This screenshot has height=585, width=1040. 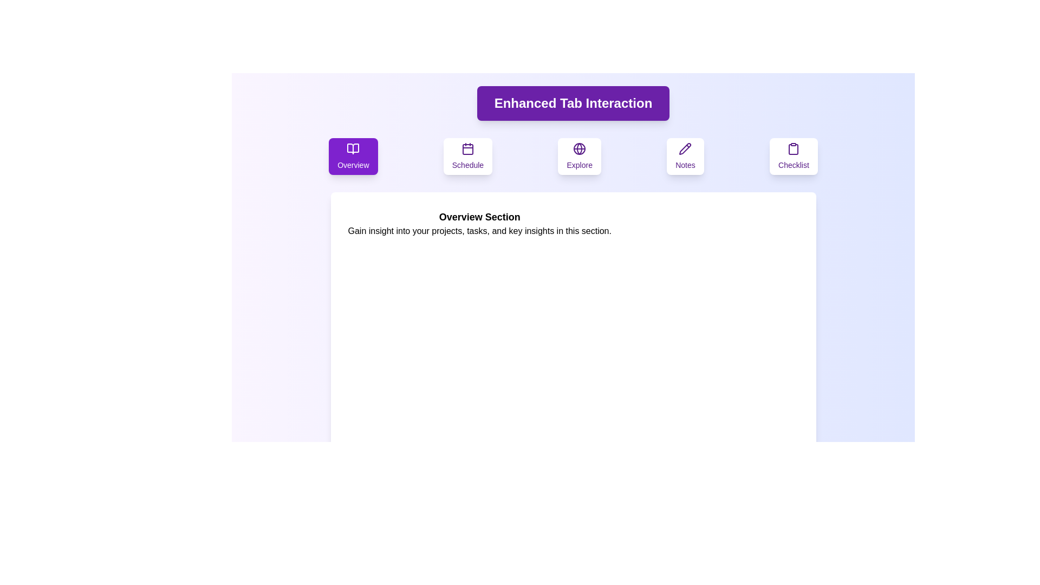 What do you see at coordinates (468, 157) in the screenshot?
I see `the interactive button with an icon and text` at bounding box center [468, 157].